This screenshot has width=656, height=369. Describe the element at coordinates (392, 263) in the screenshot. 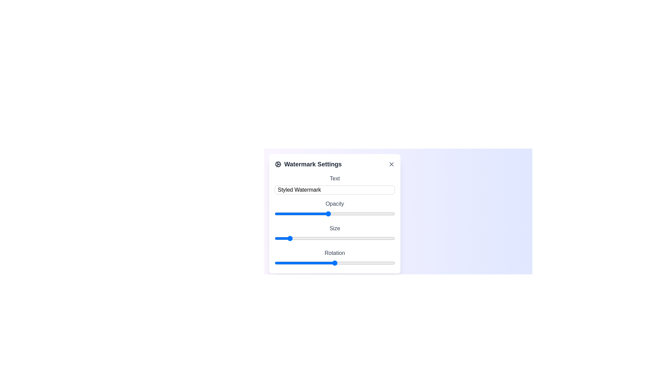

I see `rotation` at that location.